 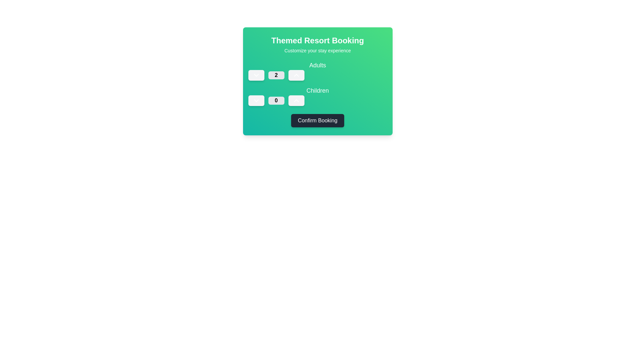 I want to click on the increment button positioned to the far right side of the control set associated with children count, so click(x=296, y=100).